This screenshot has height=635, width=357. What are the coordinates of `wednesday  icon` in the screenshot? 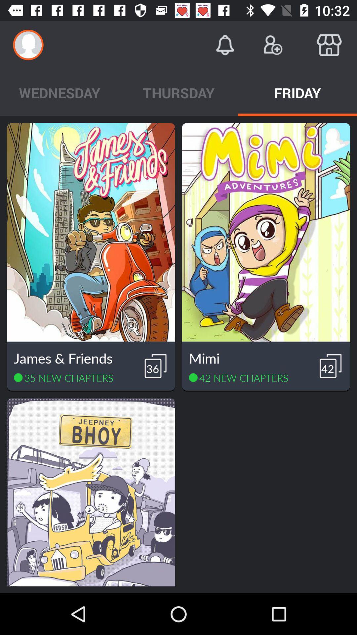 It's located at (59, 92).